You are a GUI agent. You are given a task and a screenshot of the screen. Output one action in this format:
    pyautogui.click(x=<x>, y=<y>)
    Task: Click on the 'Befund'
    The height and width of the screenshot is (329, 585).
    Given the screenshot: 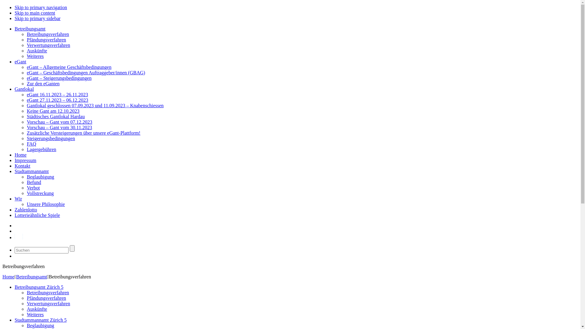 What is the action you would take?
    pyautogui.click(x=34, y=182)
    